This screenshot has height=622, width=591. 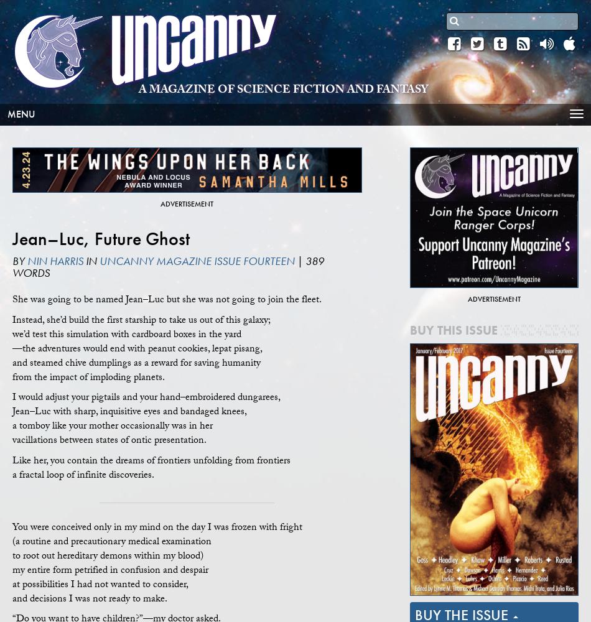 What do you see at coordinates (453, 330) in the screenshot?
I see `'Buy This Issue'` at bounding box center [453, 330].